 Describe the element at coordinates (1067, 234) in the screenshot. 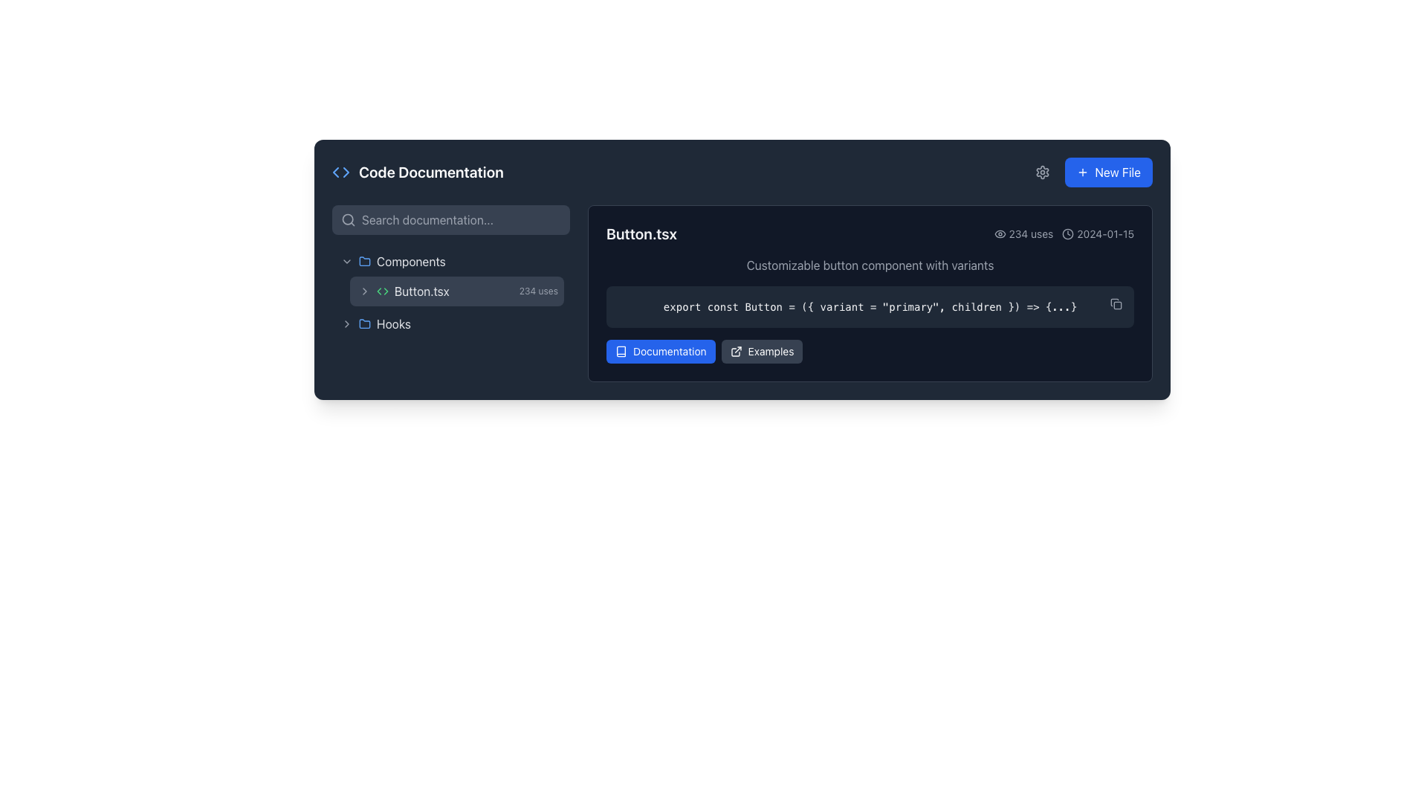

I see `the clock icon that represents a timestamp, positioned to the left of the date text '2024-01-15'` at that location.